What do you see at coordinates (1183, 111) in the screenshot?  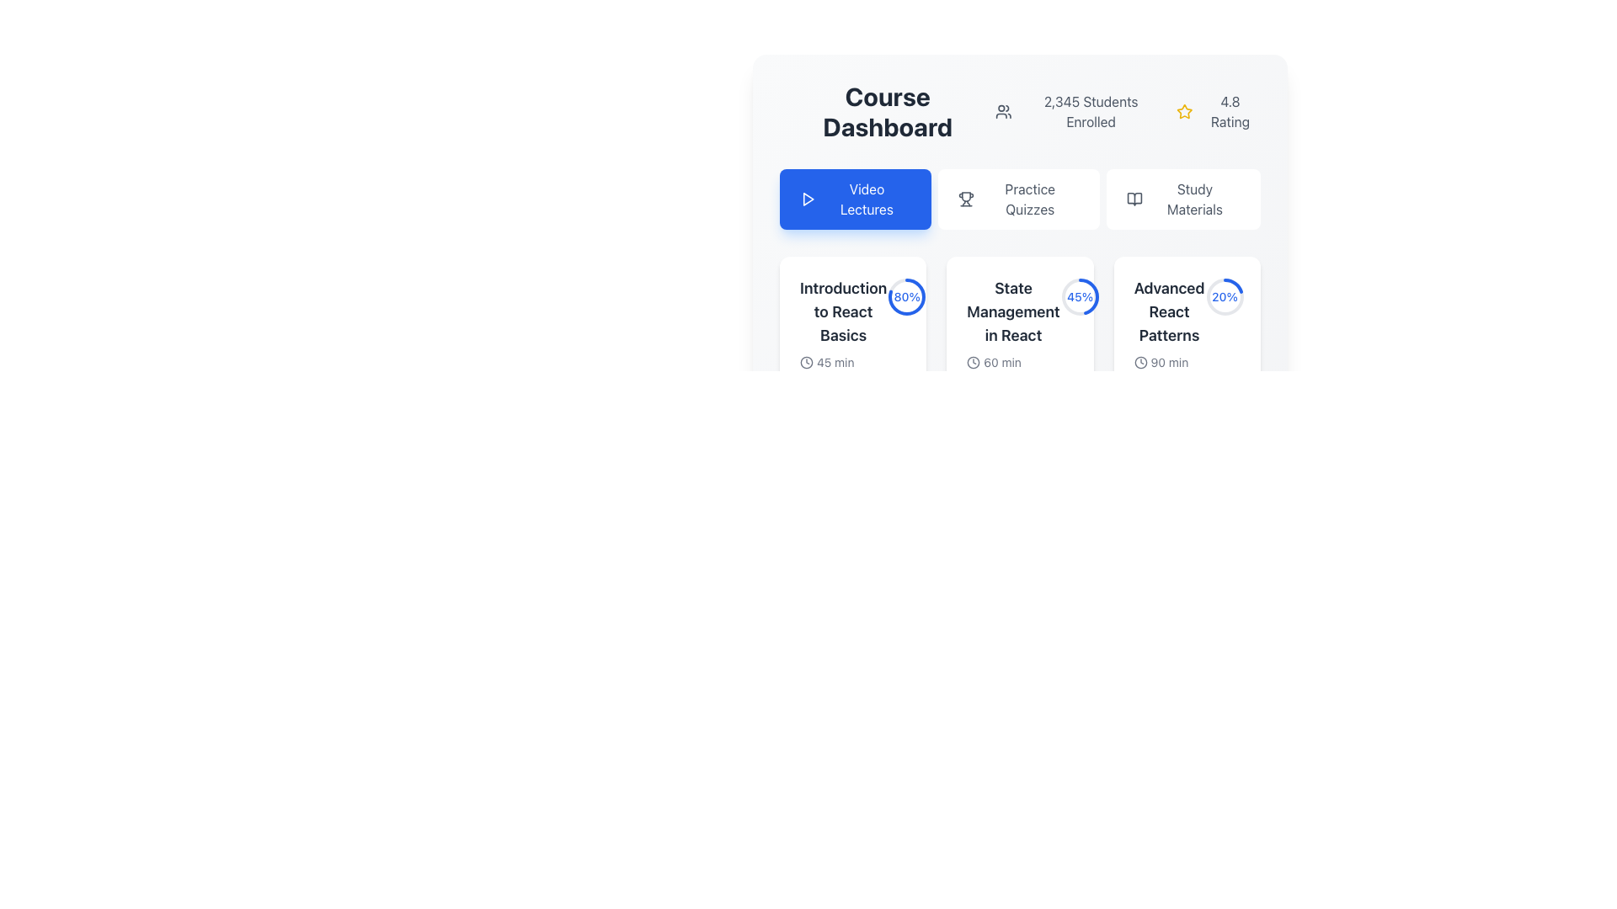 I see `the star icon with a yellow outline and hollow center, which indicates a rating component, located next to the text '4.8 Rating.'` at bounding box center [1183, 111].